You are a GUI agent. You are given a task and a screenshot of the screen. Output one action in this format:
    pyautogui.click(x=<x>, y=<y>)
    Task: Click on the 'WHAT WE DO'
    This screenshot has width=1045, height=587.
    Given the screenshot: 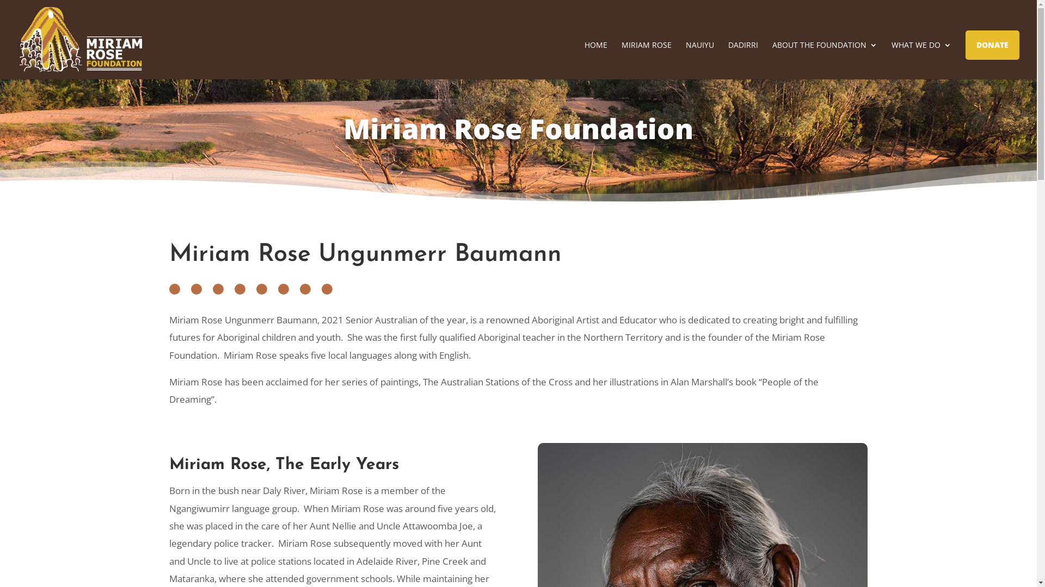 What is the action you would take?
    pyautogui.click(x=921, y=60)
    